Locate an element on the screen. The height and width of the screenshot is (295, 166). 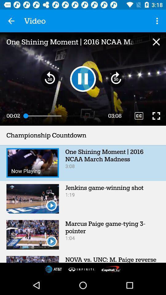
icon next to the one shining moment item is located at coordinates (158, 21).